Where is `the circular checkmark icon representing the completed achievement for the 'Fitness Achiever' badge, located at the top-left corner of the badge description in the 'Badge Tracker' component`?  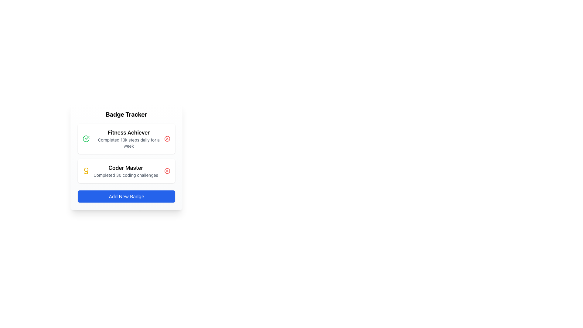
the circular checkmark icon representing the completed achievement for the 'Fitness Achiever' badge, located at the top-left corner of the badge description in the 'Badge Tracker' component is located at coordinates (86, 138).